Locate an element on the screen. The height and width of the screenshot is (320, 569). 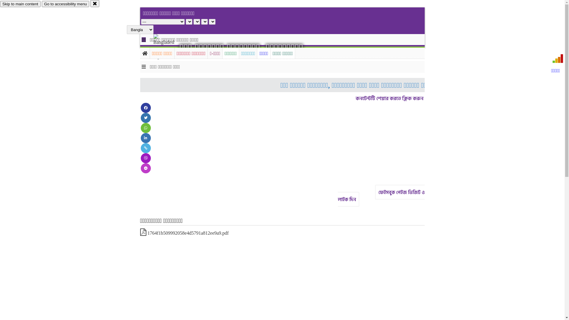
' is located at coordinates (169, 47).